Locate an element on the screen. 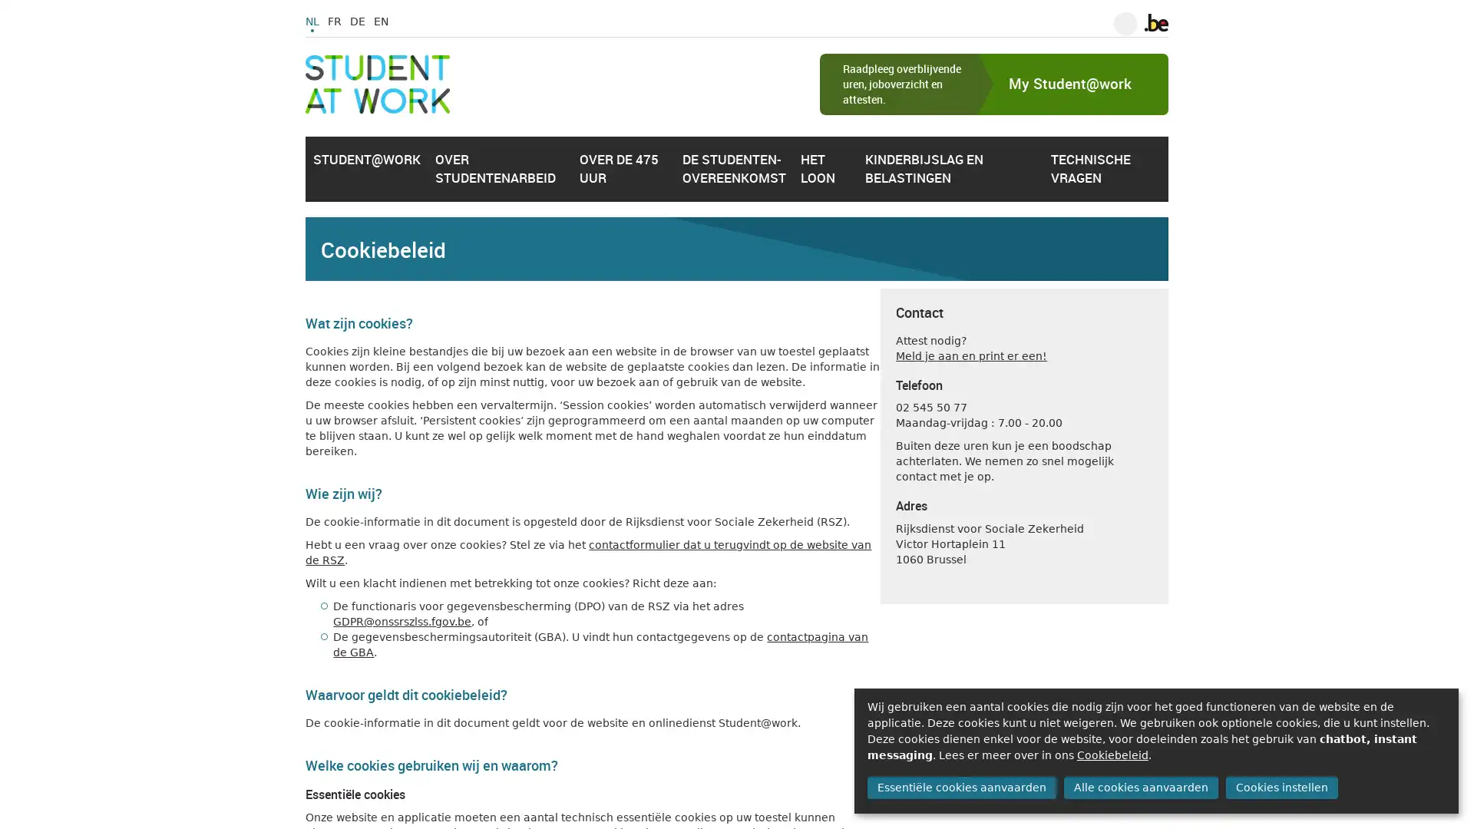 The width and height of the screenshot is (1474, 829). Essentiele cookies aanvaarden is located at coordinates (960, 788).